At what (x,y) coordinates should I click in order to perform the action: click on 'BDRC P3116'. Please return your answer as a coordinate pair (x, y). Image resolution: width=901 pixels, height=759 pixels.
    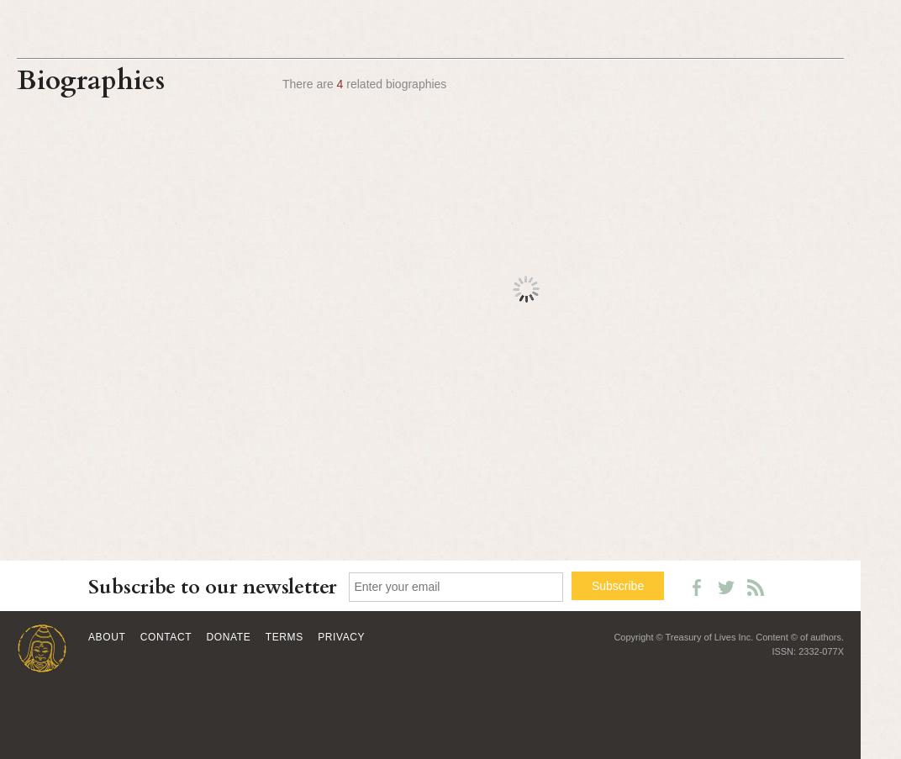
    Looking at the image, I should click on (477, 535).